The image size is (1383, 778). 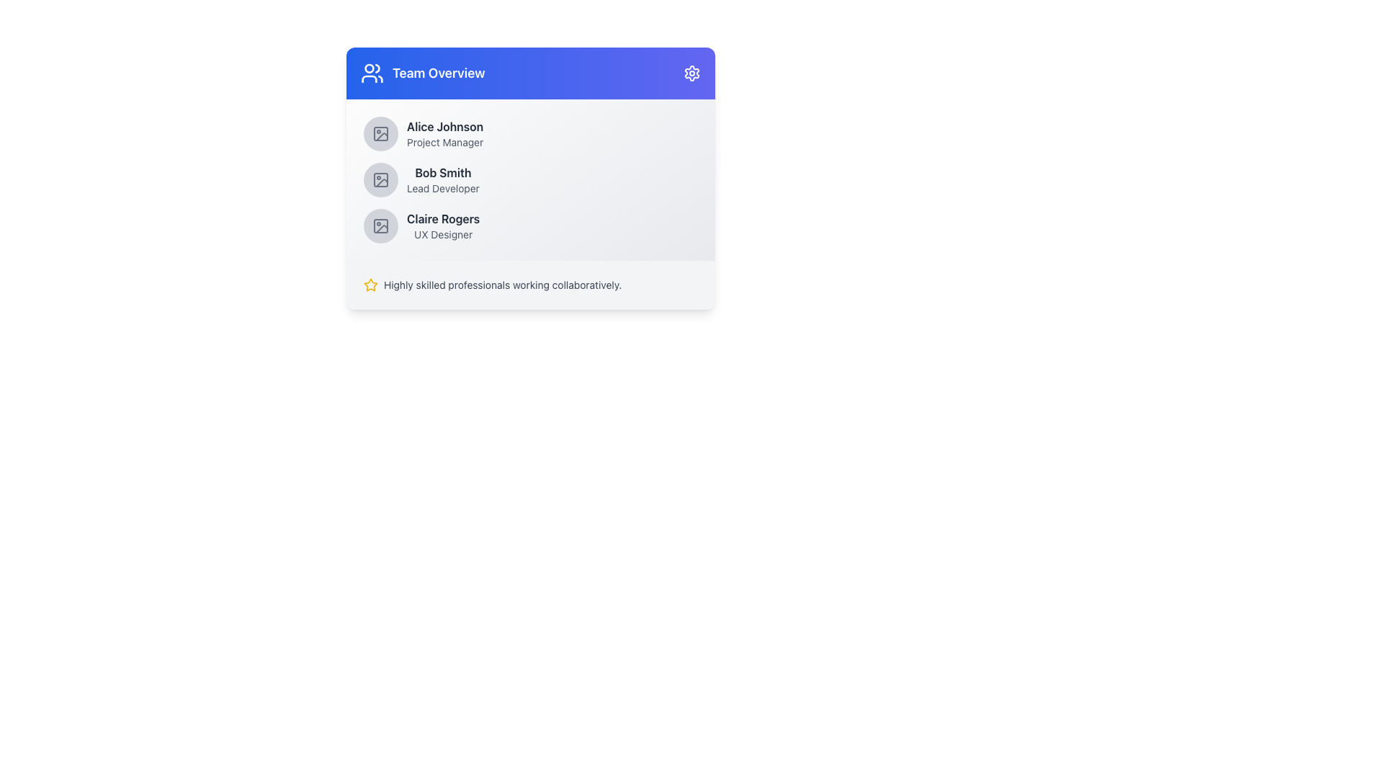 I want to click on the central list of team members in the 'Team Overview' card, so click(x=530, y=179).